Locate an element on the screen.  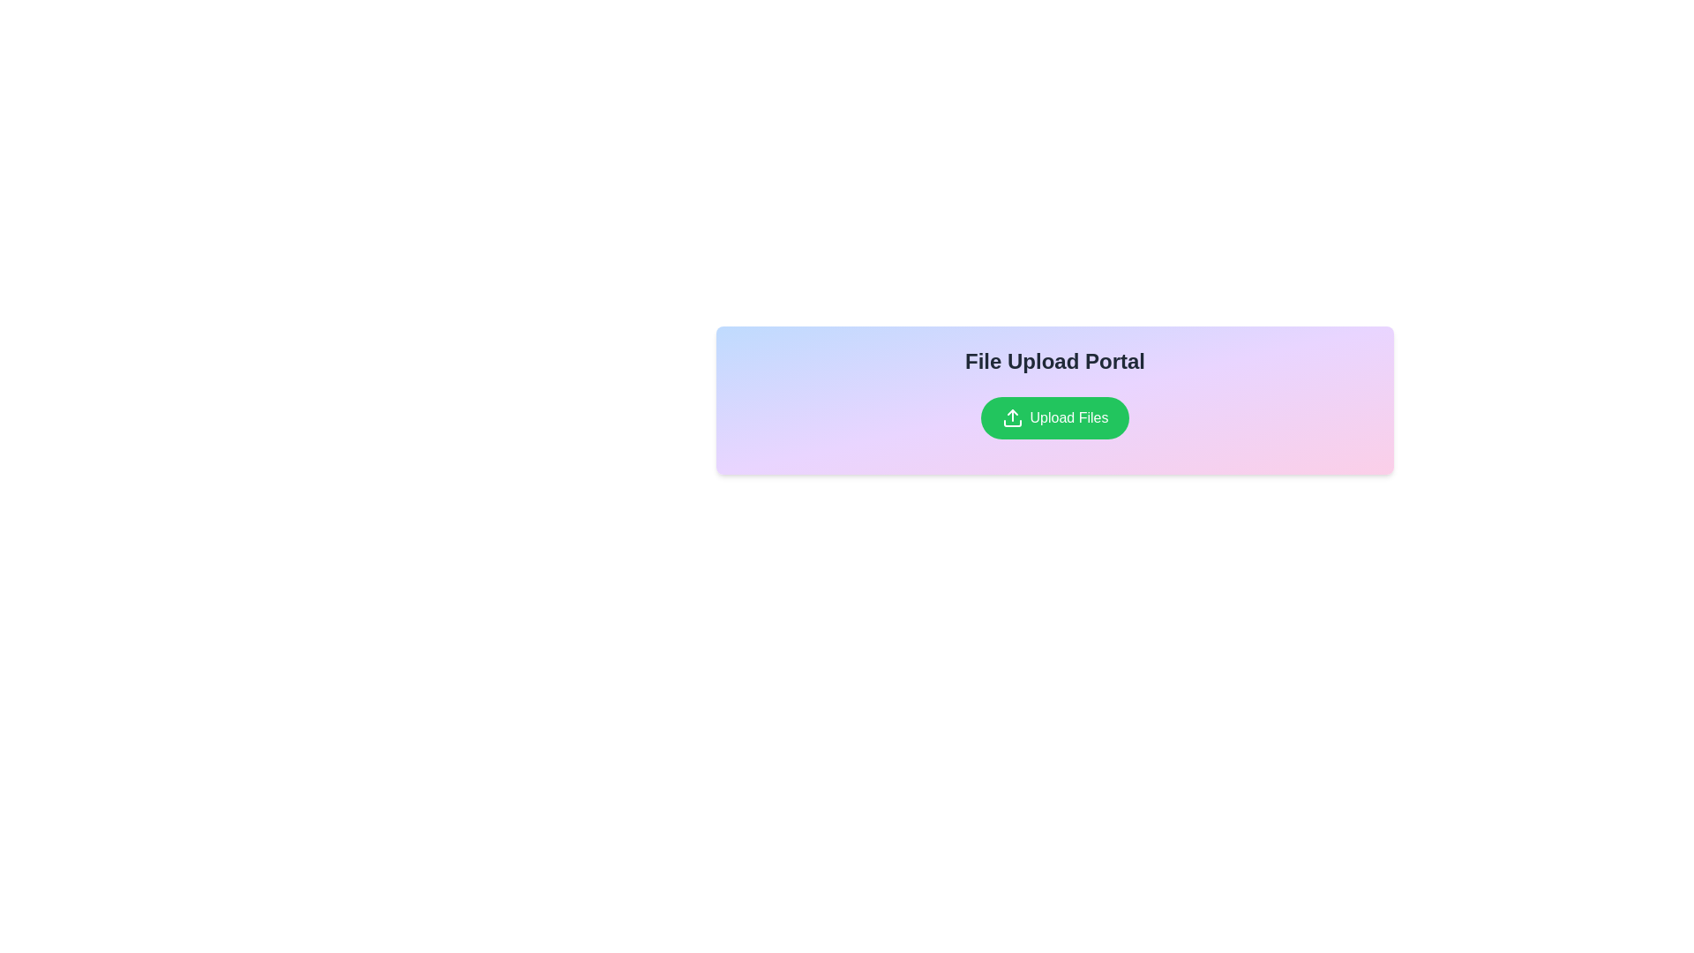
the 'Upload Files' label within the green button is located at coordinates (1068, 418).